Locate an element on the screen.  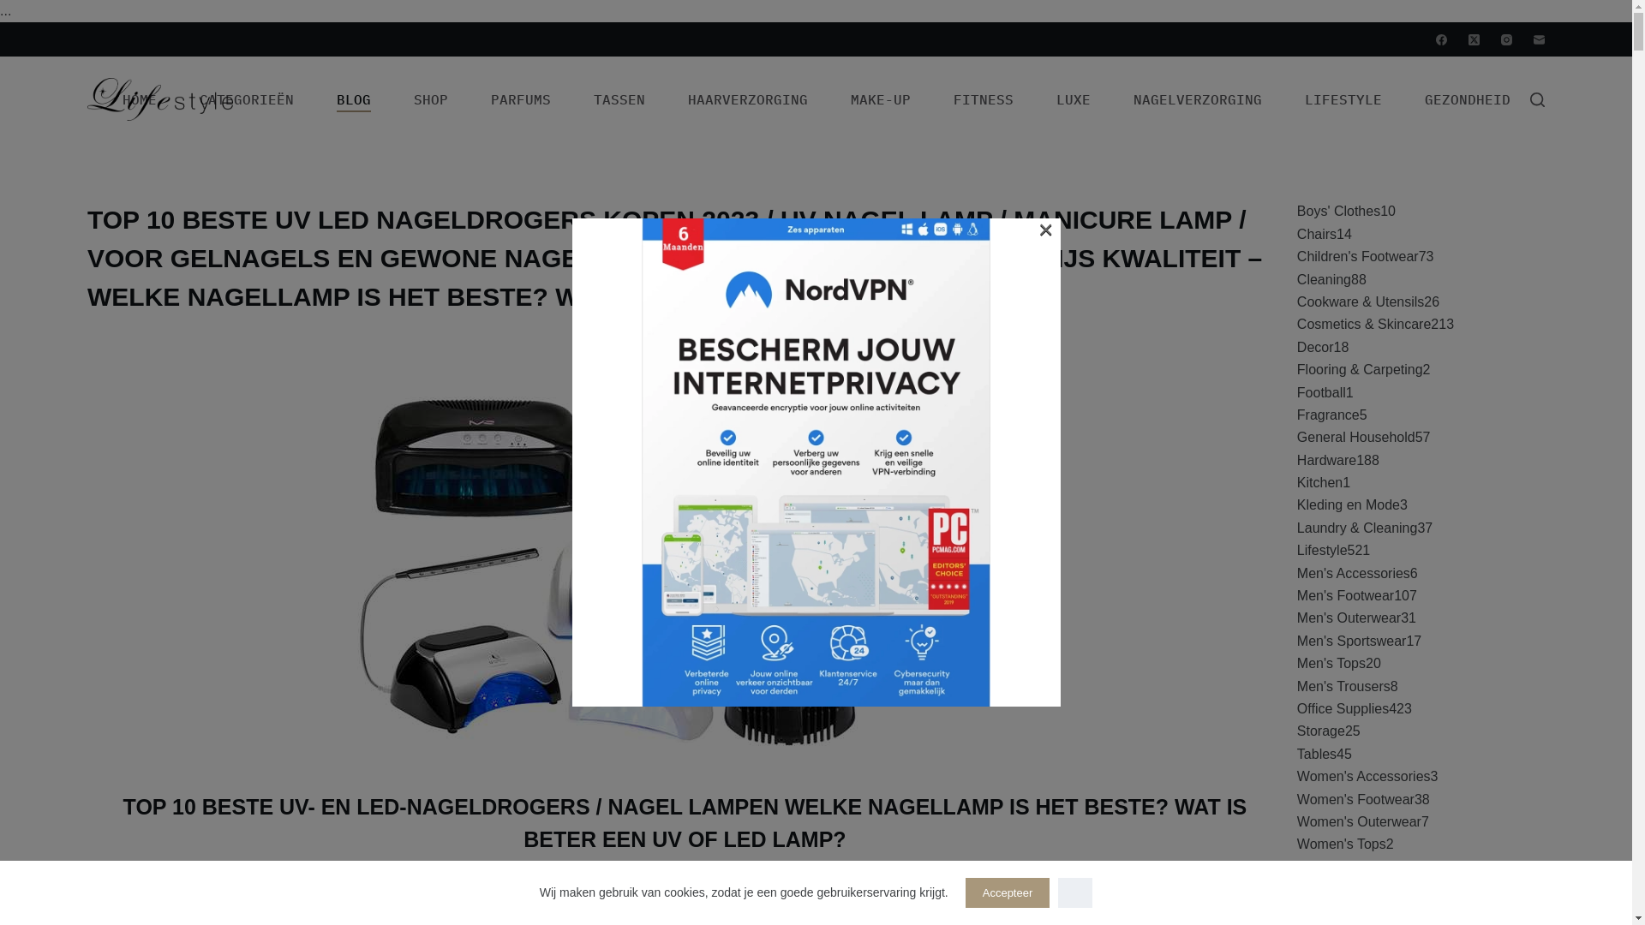
'Fragrance' is located at coordinates (1327, 415).